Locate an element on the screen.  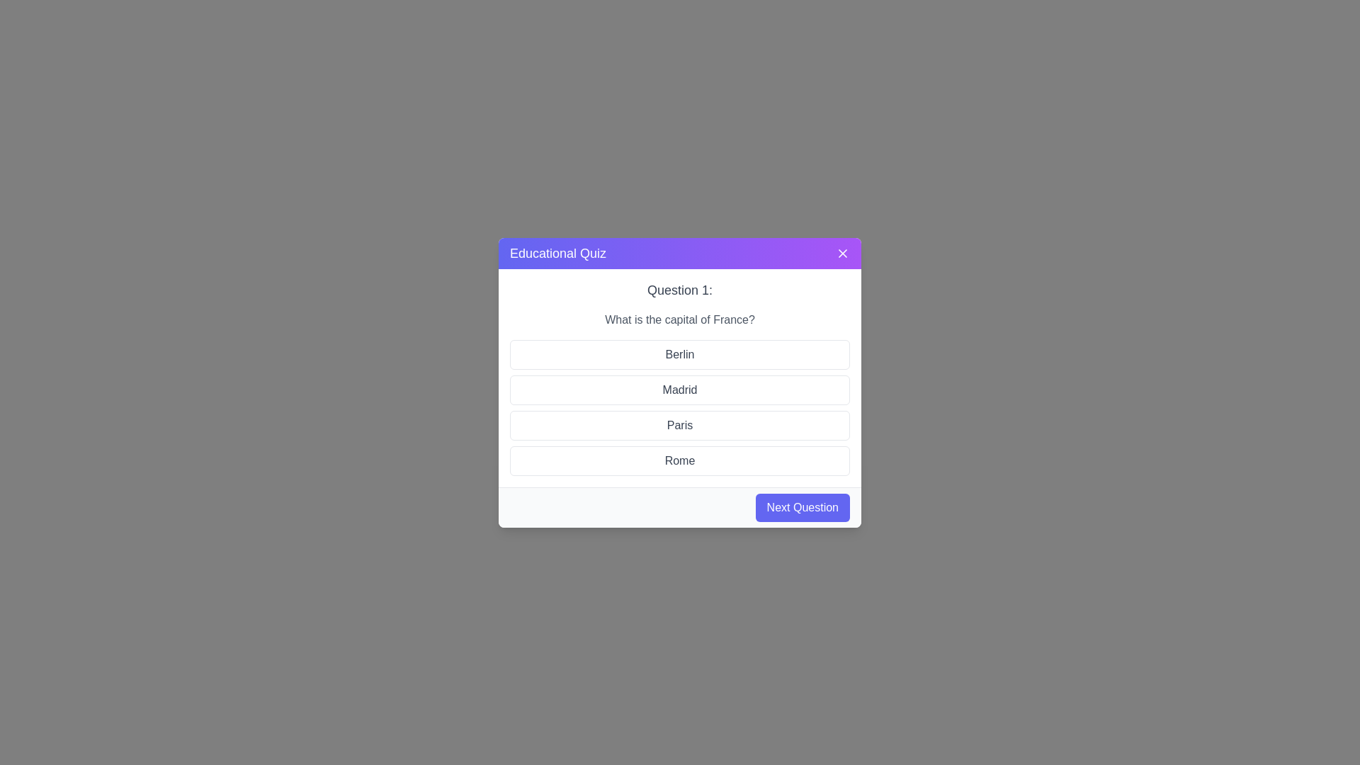
the button is located at coordinates (680, 382).